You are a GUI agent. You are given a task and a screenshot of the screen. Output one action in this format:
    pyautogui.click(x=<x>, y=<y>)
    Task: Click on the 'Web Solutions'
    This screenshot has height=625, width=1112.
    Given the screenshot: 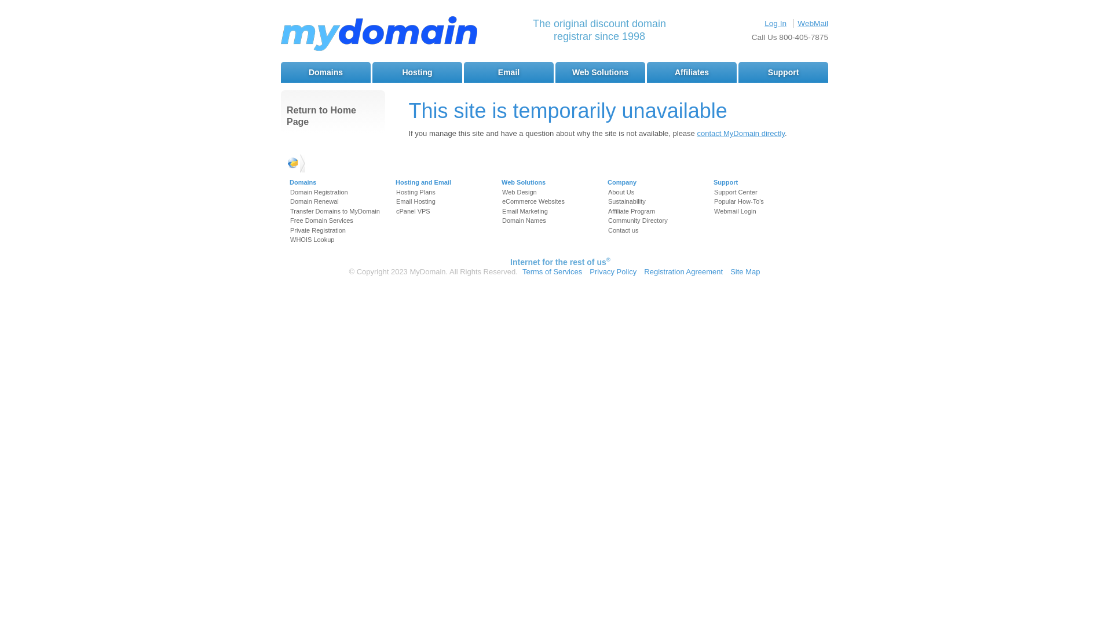 What is the action you would take?
    pyautogui.click(x=522, y=182)
    